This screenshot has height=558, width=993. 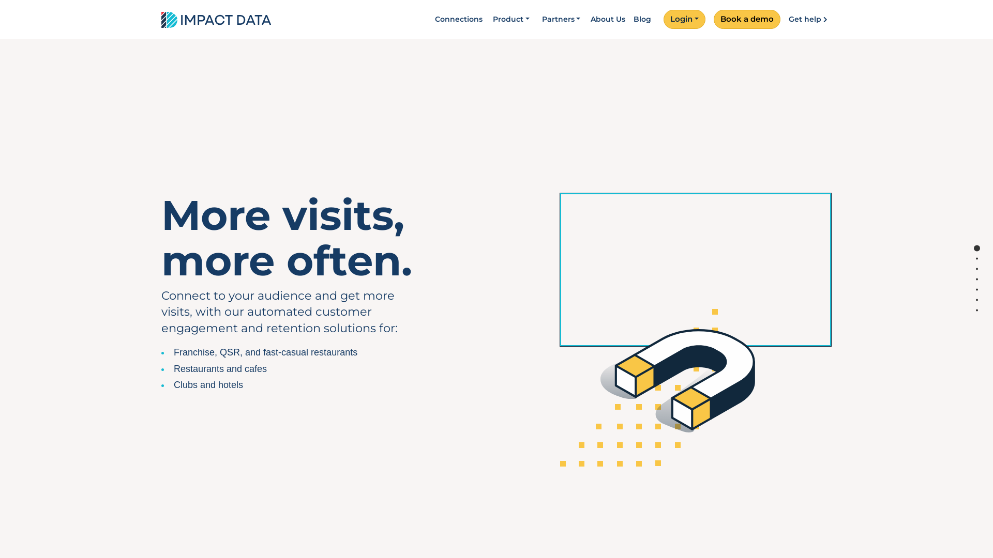 I want to click on 'Get help', so click(x=809, y=19).